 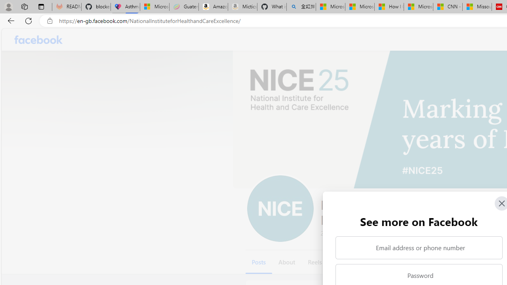 What do you see at coordinates (38, 40) in the screenshot?
I see `'Facebook'` at bounding box center [38, 40].